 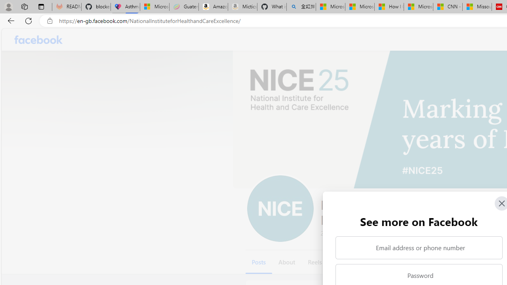 What do you see at coordinates (38, 40) in the screenshot?
I see `'Facebook'` at bounding box center [38, 40].